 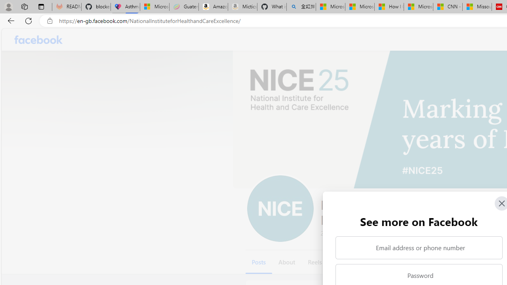 What do you see at coordinates (38, 40) in the screenshot?
I see `'Facebook'` at bounding box center [38, 40].